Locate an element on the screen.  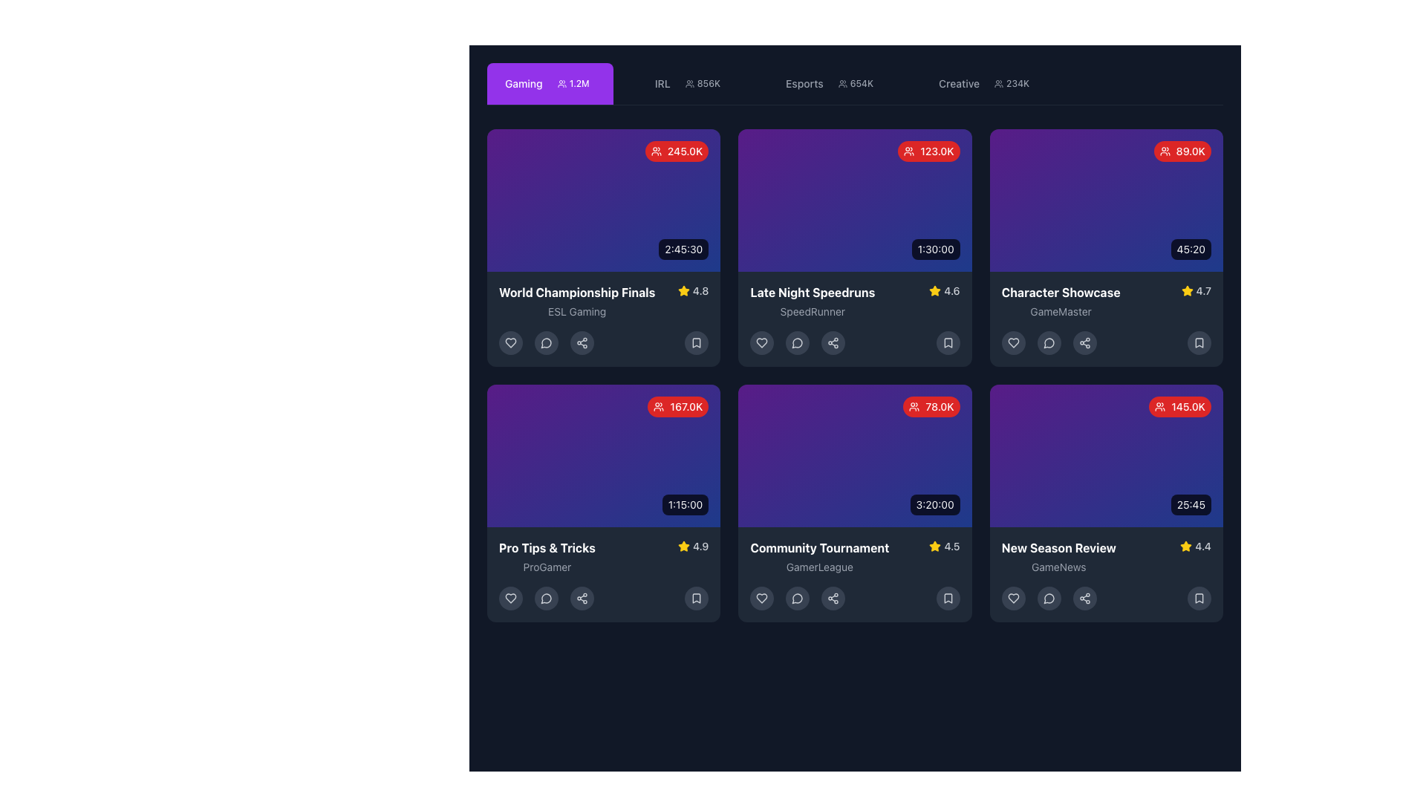
the star icon, which is filled with a vibrant yellow color and positioned adjacent to the numeric rating '4.8' within a card layout is located at coordinates (683, 291).